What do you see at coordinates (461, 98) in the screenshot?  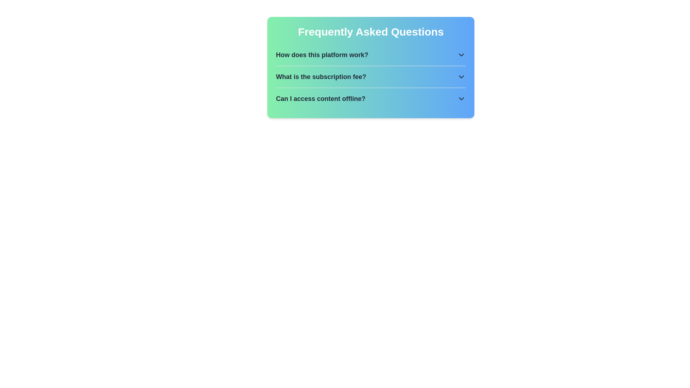 I see `the Dropdown indicator / Caret icon for the FAQ item 'Can I access content offline?'. This element is located to the far right of the text within the FAQ section` at bounding box center [461, 98].